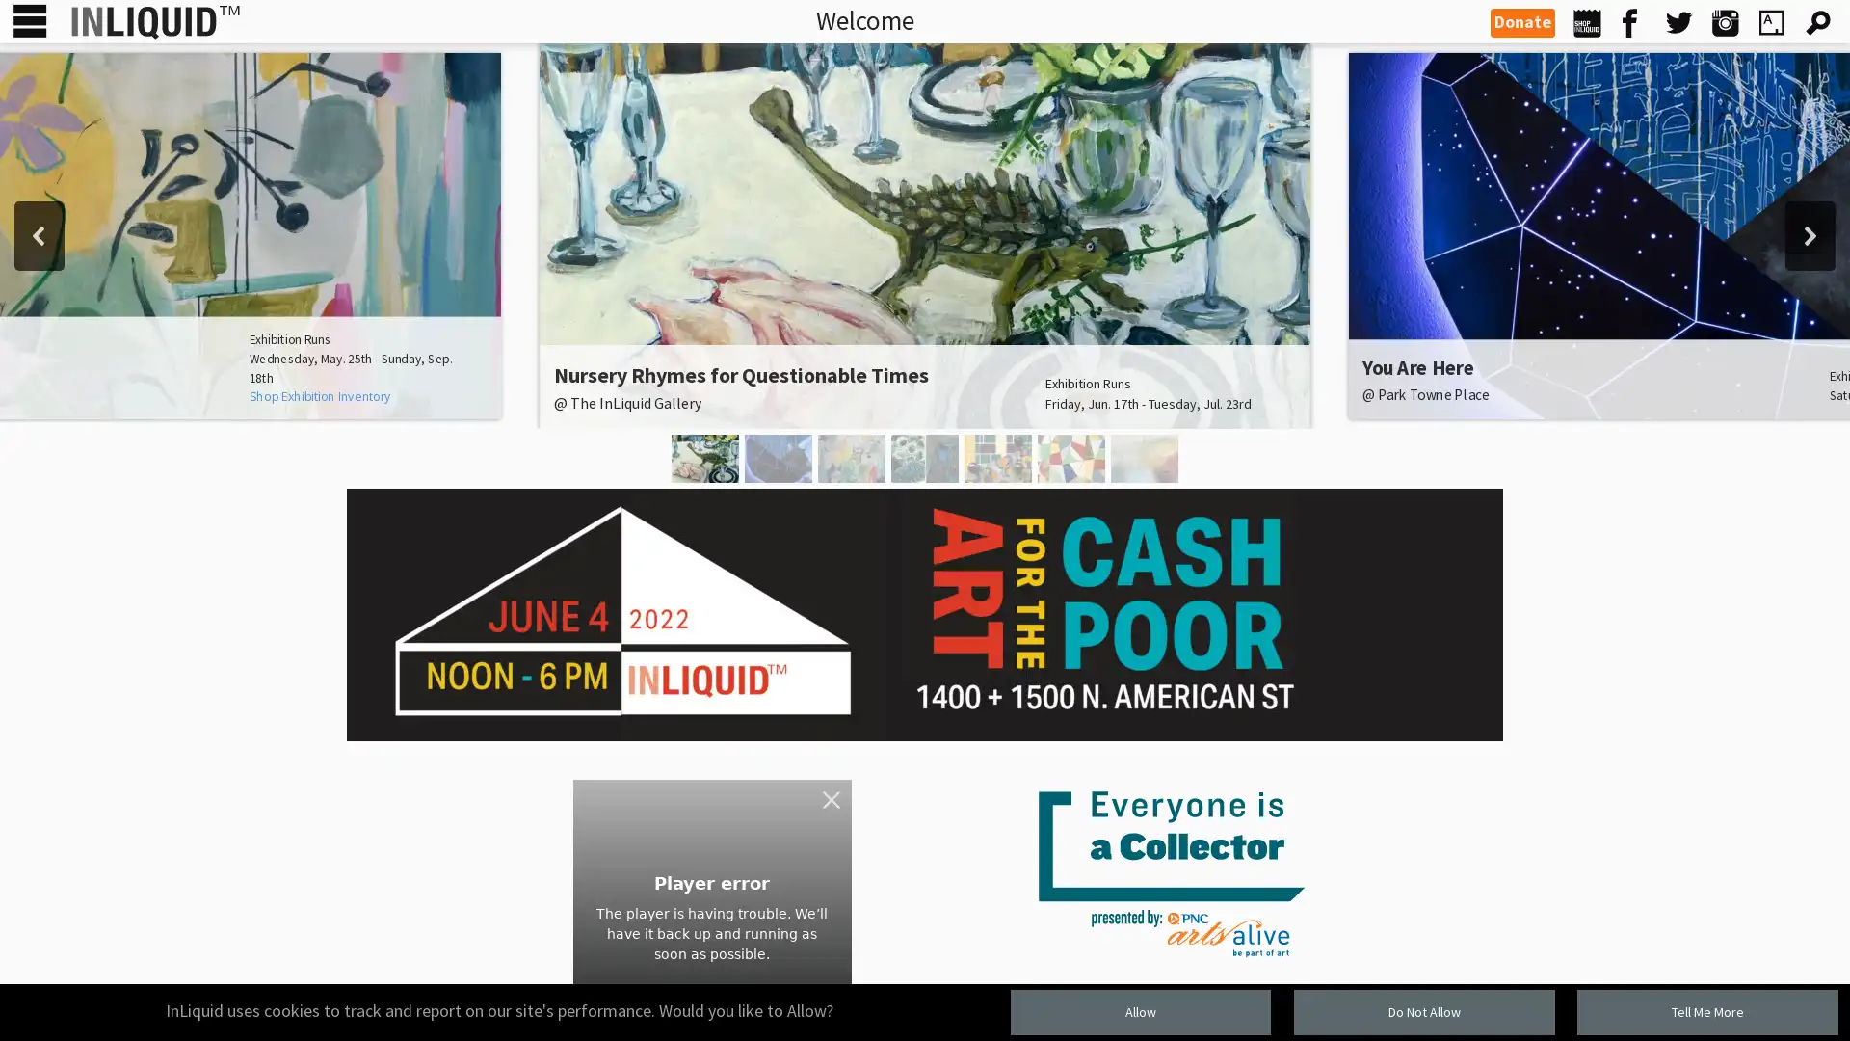  I want to click on next arrow, so click(1809, 235).